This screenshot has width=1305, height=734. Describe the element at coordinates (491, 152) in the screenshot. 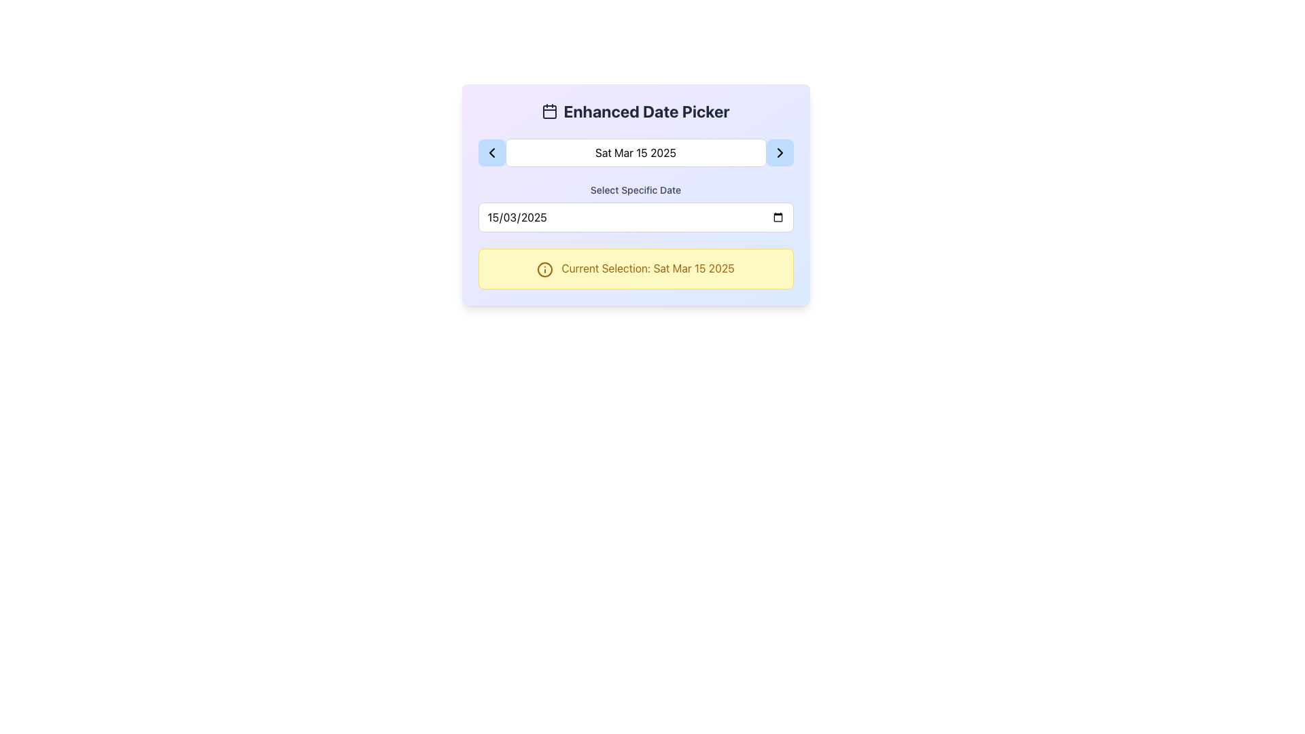

I see `the left-pointing chevron icon within the SVG component` at that location.